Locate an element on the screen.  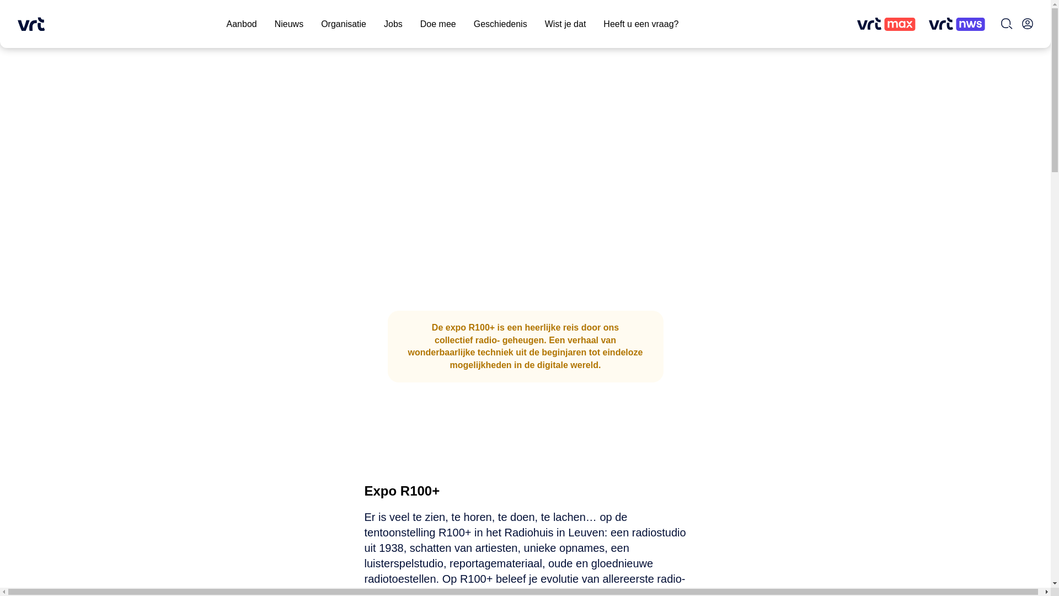
'Heeft u een vraag?' is located at coordinates (603, 24).